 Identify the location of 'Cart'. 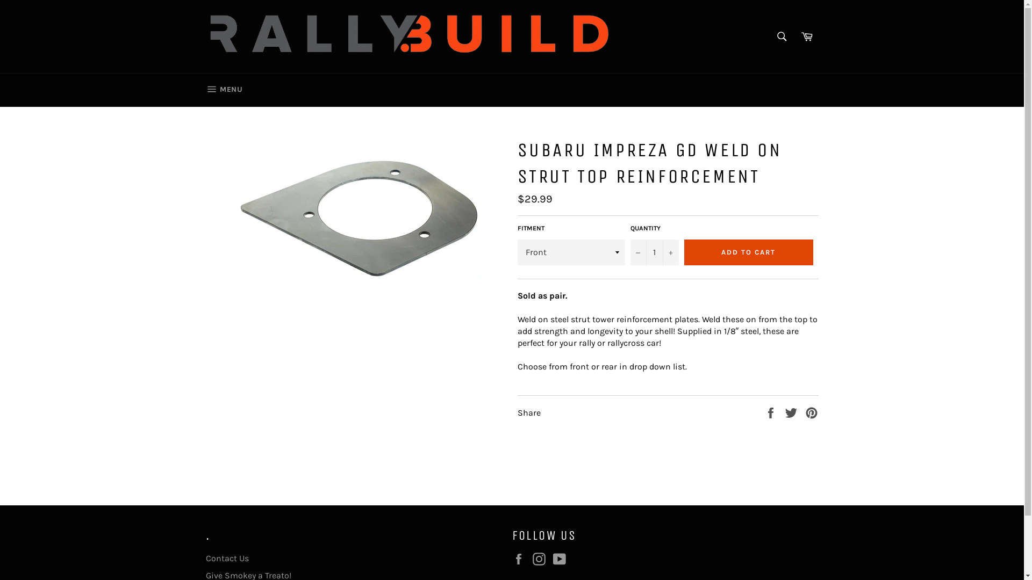
(795, 36).